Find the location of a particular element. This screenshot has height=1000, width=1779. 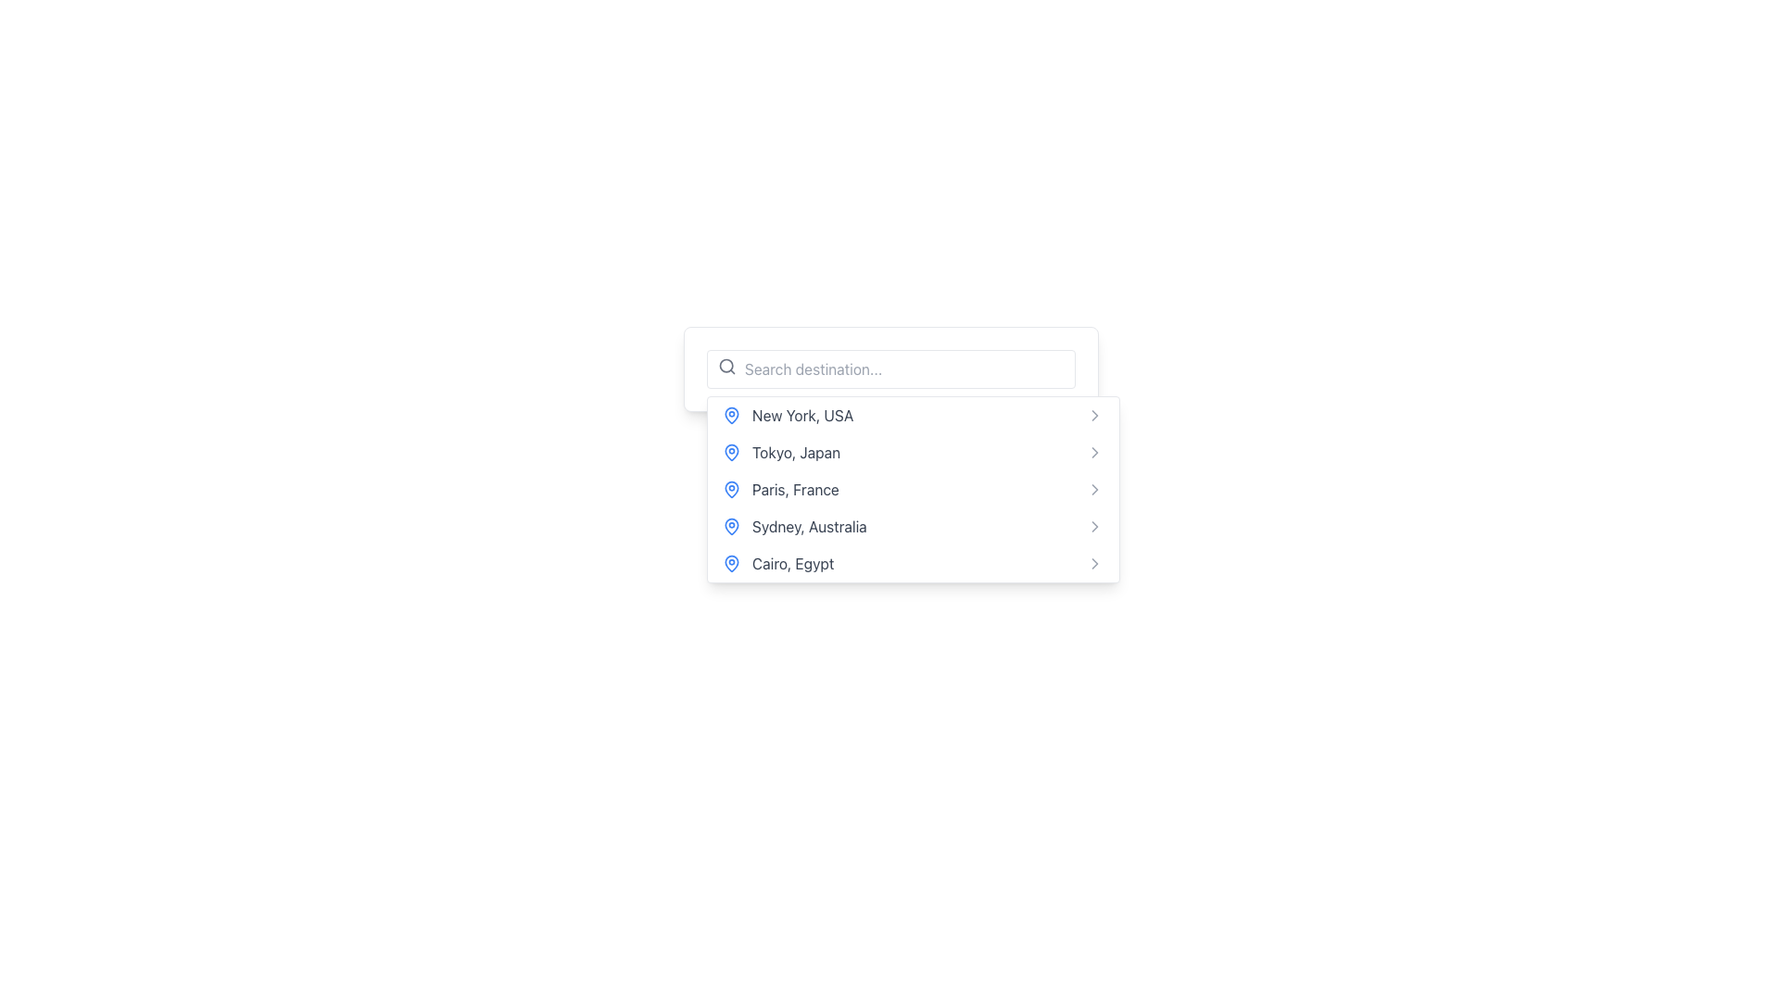

the arrow icon on the far-right side of the dropdown list entry is located at coordinates (1094, 414).